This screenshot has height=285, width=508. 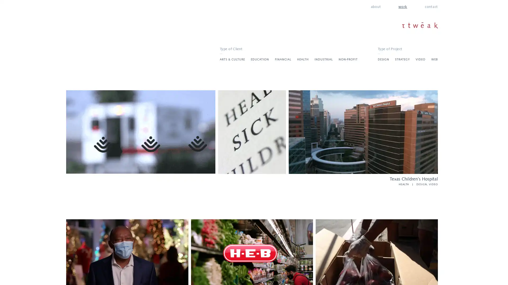 I want to click on NON-PROFIT, so click(x=348, y=59).